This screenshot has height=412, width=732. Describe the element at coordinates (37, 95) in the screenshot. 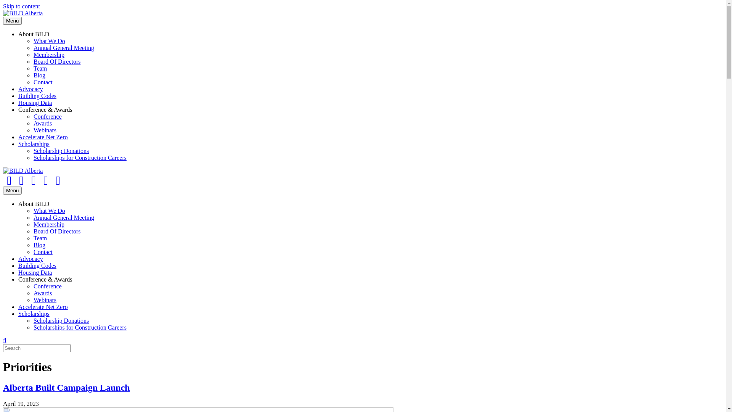

I see `'Building Codes'` at that location.